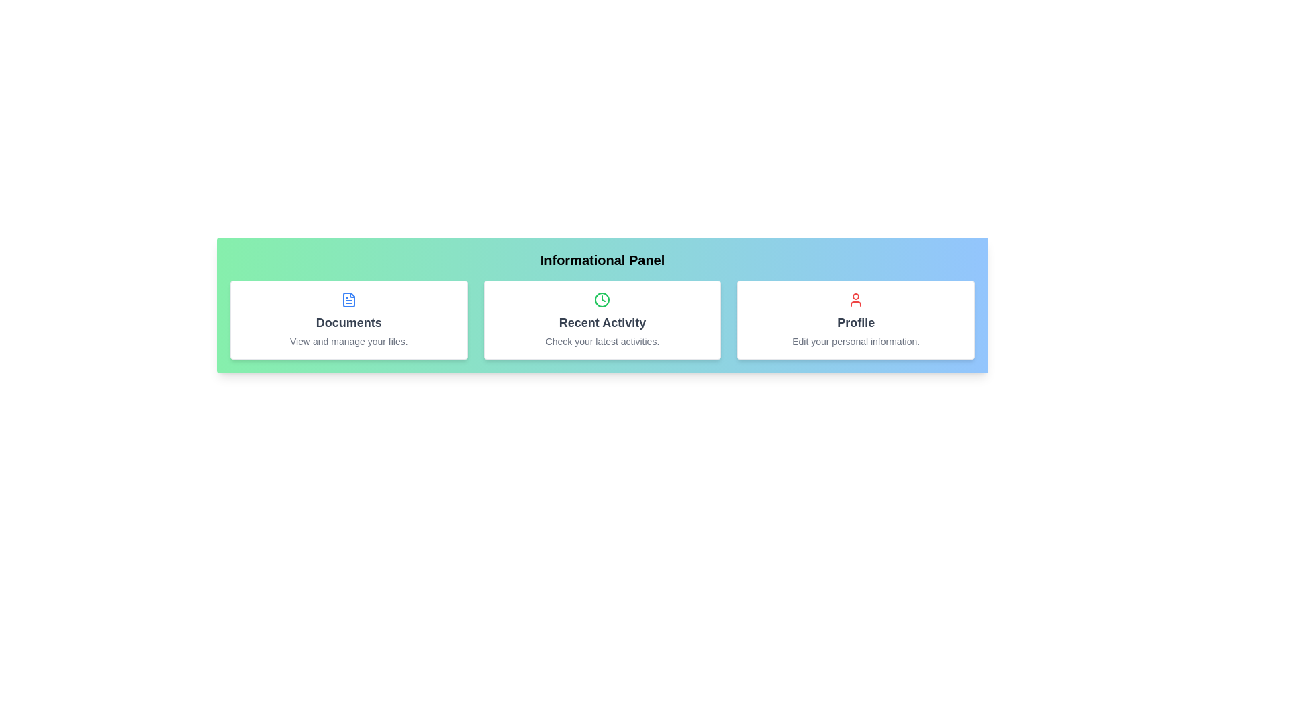 Image resolution: width=1289 pixels, height=725 pixels. What do you see at coordinates (602, 320) in the screenshot?
I see `the card labeled Recent Activity to observe its hover effect` at bounding box center [602, 320].